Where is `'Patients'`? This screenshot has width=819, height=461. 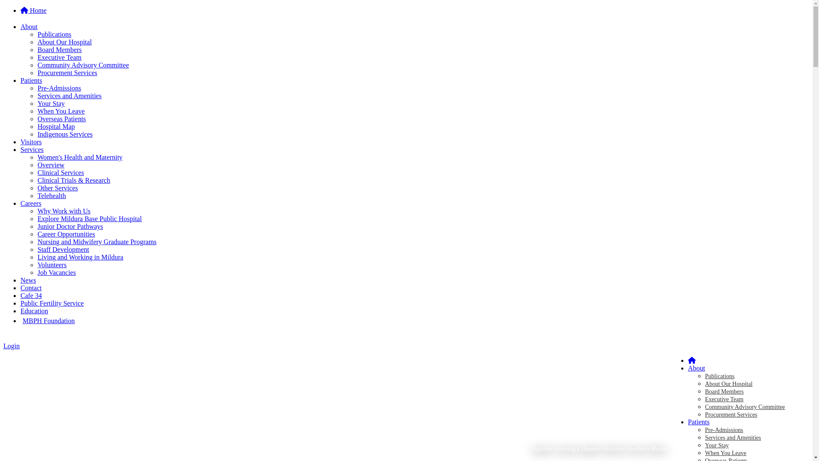
'Patients' is located at coordinates (699, 421).